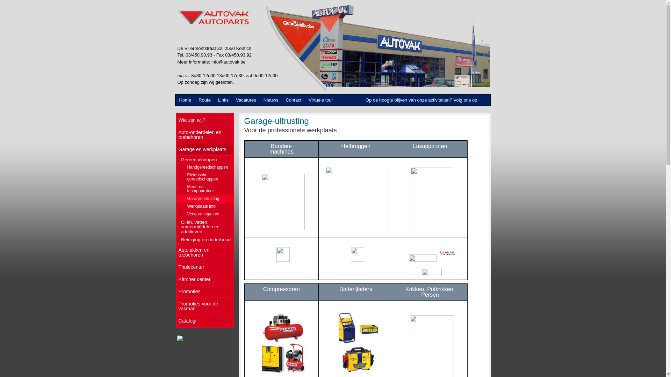 This screenshot has width=671, height=377. What do you see at coordinates (204, 160) in the screenshot?
I see `'Gereedschappen'` at bounding box center [204, 160].